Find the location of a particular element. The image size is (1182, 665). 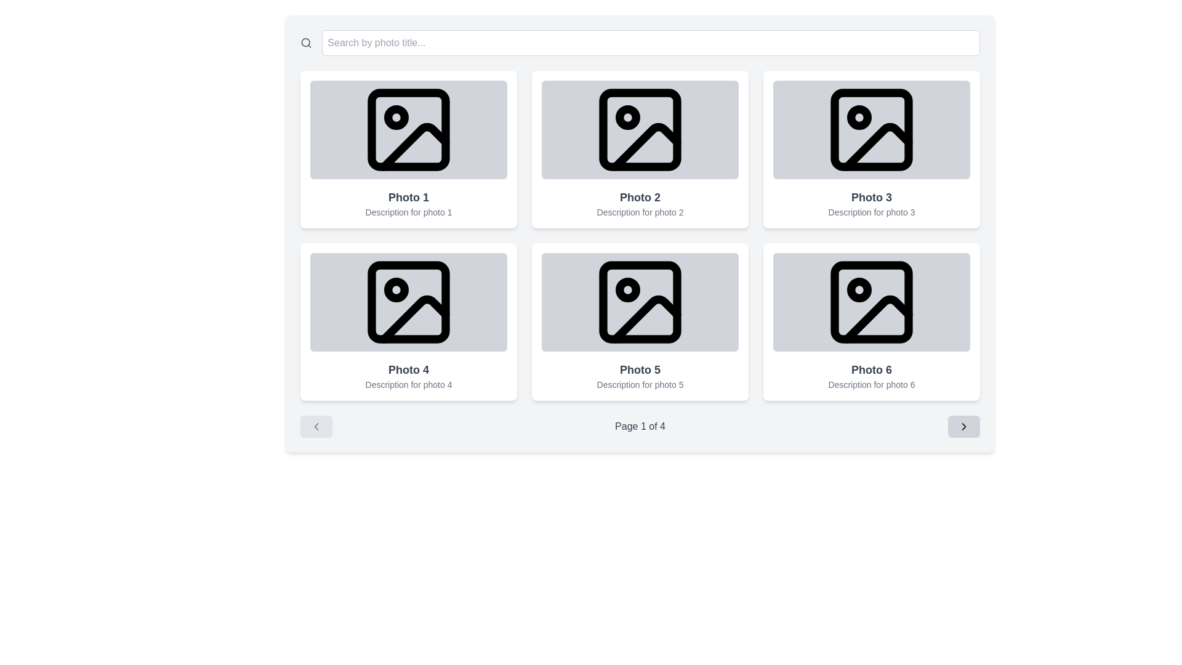

the text label displaying 'Photo 2' in bold, dark gray, located in the second card of the first row in a card grid layout is located at coordinates (640, 196).